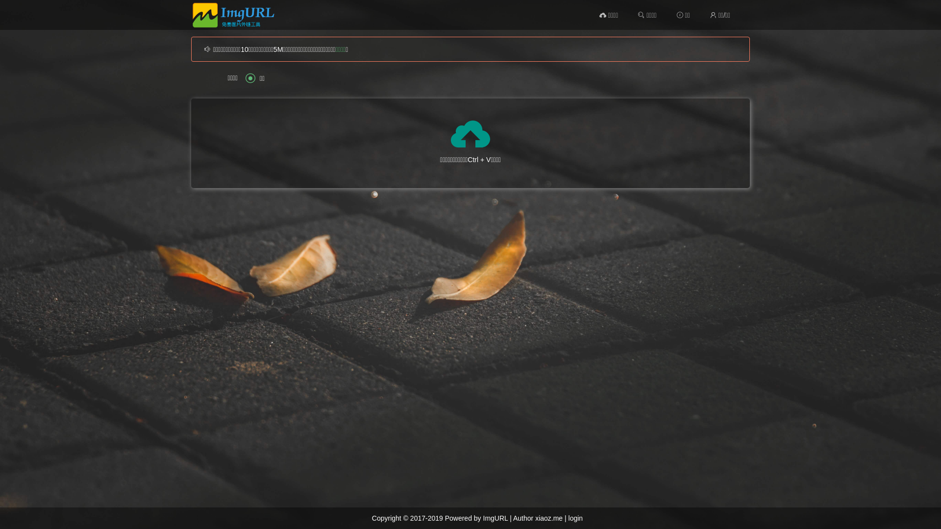 Image resolution: width=941 pixels, height=529 pixels. What do you see at coordinates (548, 517) in the screenshot?
I see `'xiaoz.me'` at bounding box center [548, 517].